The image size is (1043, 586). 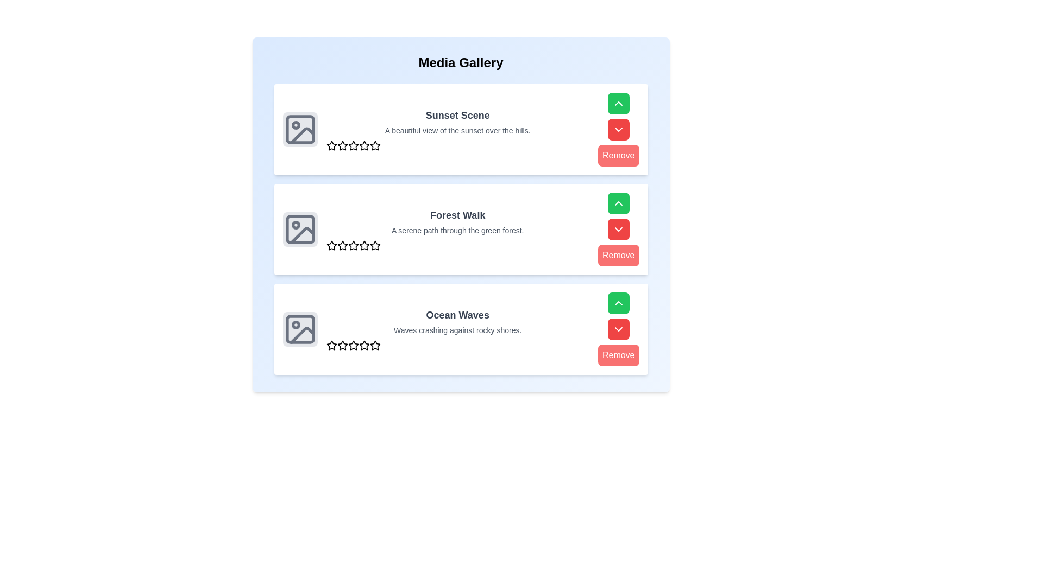 I want to click on 'Remove' button for the media item titled 'Ocean Waves', so click(x=618, y=355).